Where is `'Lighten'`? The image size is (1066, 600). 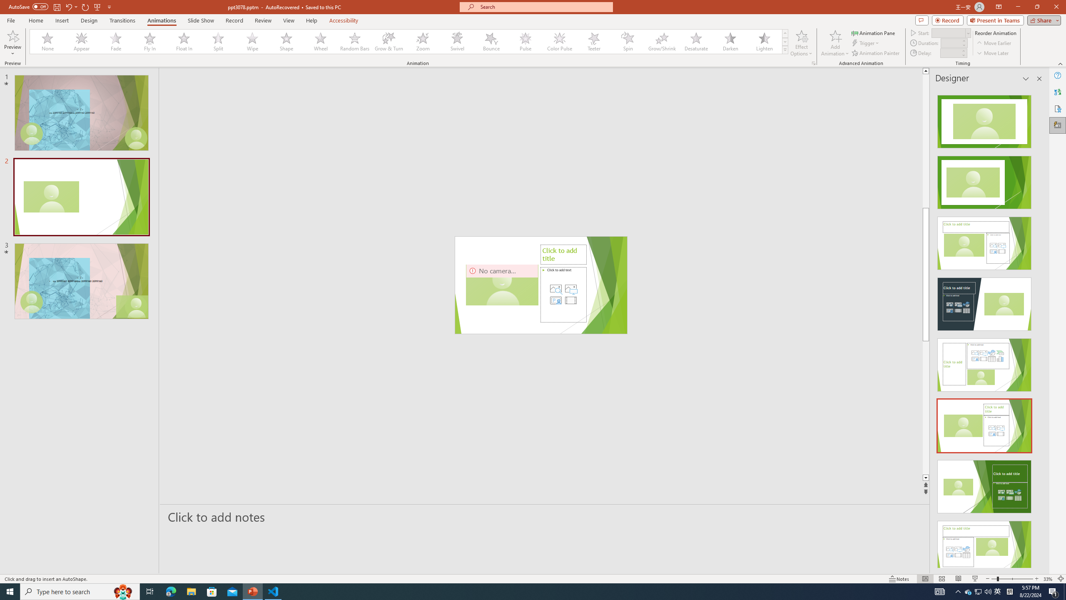 'Lighten' is located at coordinates (764, 41).